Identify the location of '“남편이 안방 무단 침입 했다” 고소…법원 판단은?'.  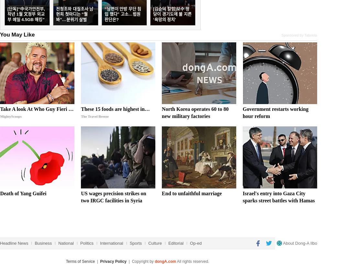
(123, 14).